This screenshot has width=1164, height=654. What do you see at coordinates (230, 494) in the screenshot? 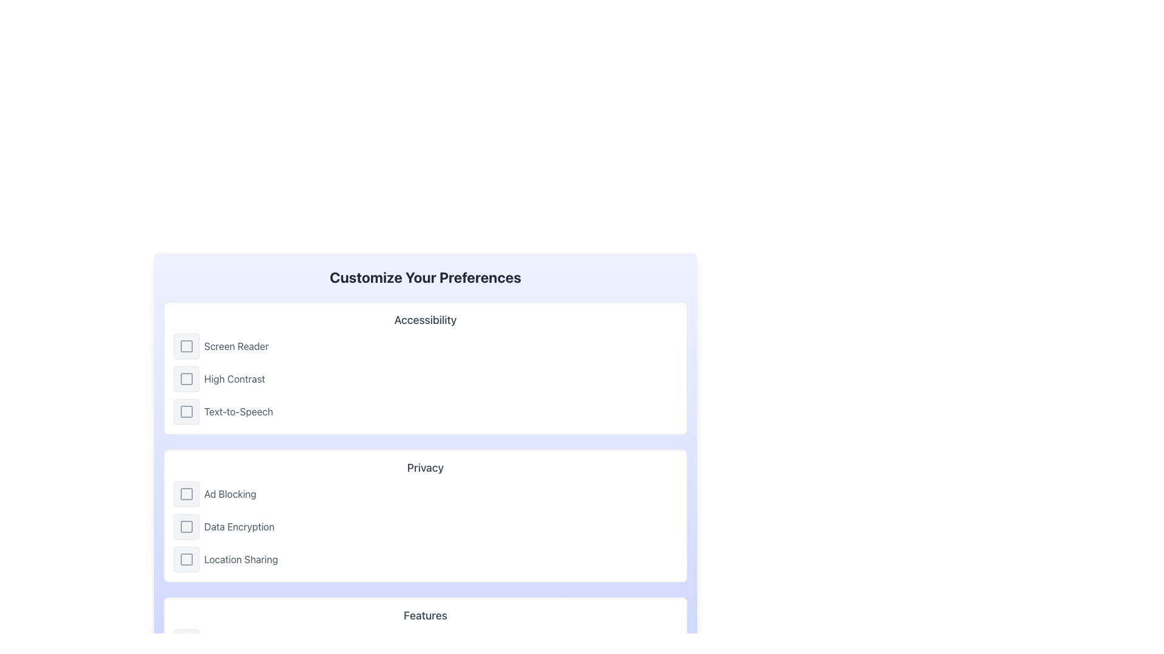
I see `the text label indicating the function of the associated checkbox in the 'Privacy' section, which is positioned third from the top` at bounding box center [230, 494].